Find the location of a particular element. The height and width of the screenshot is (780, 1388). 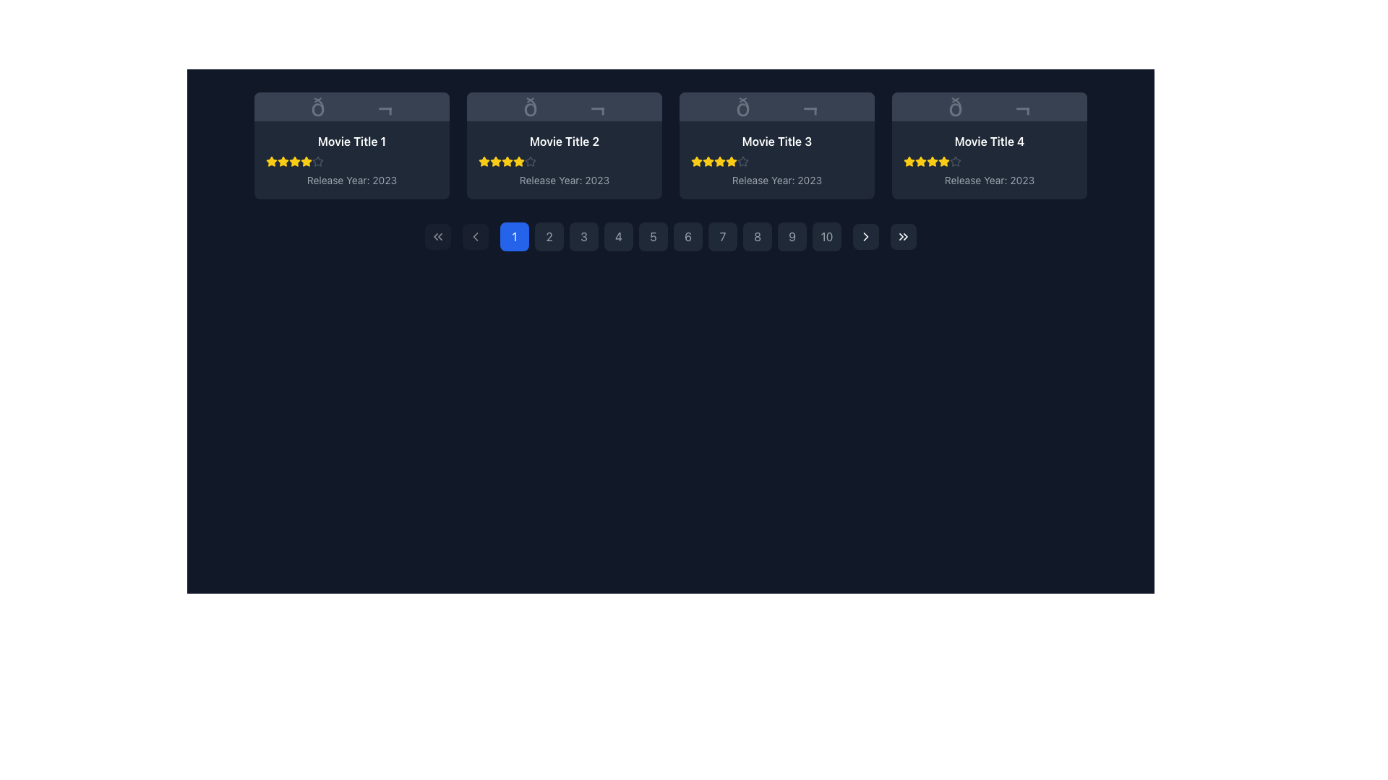

the sixth yellow star-shaped icon in the movie card rating indicator located in the first position of the grid is located at coordinates (305, 161).